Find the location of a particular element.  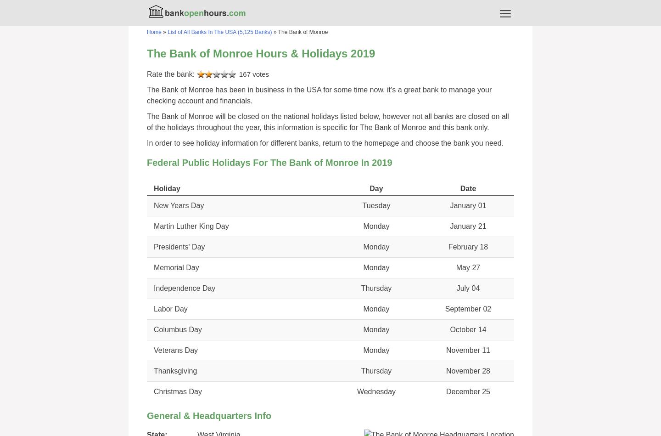

'May 27' is located at coordinates (467, 267).